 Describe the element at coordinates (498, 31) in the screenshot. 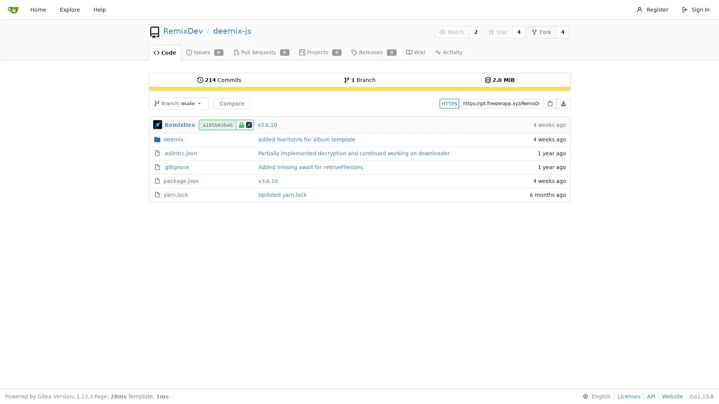

I see `Star` at that location.